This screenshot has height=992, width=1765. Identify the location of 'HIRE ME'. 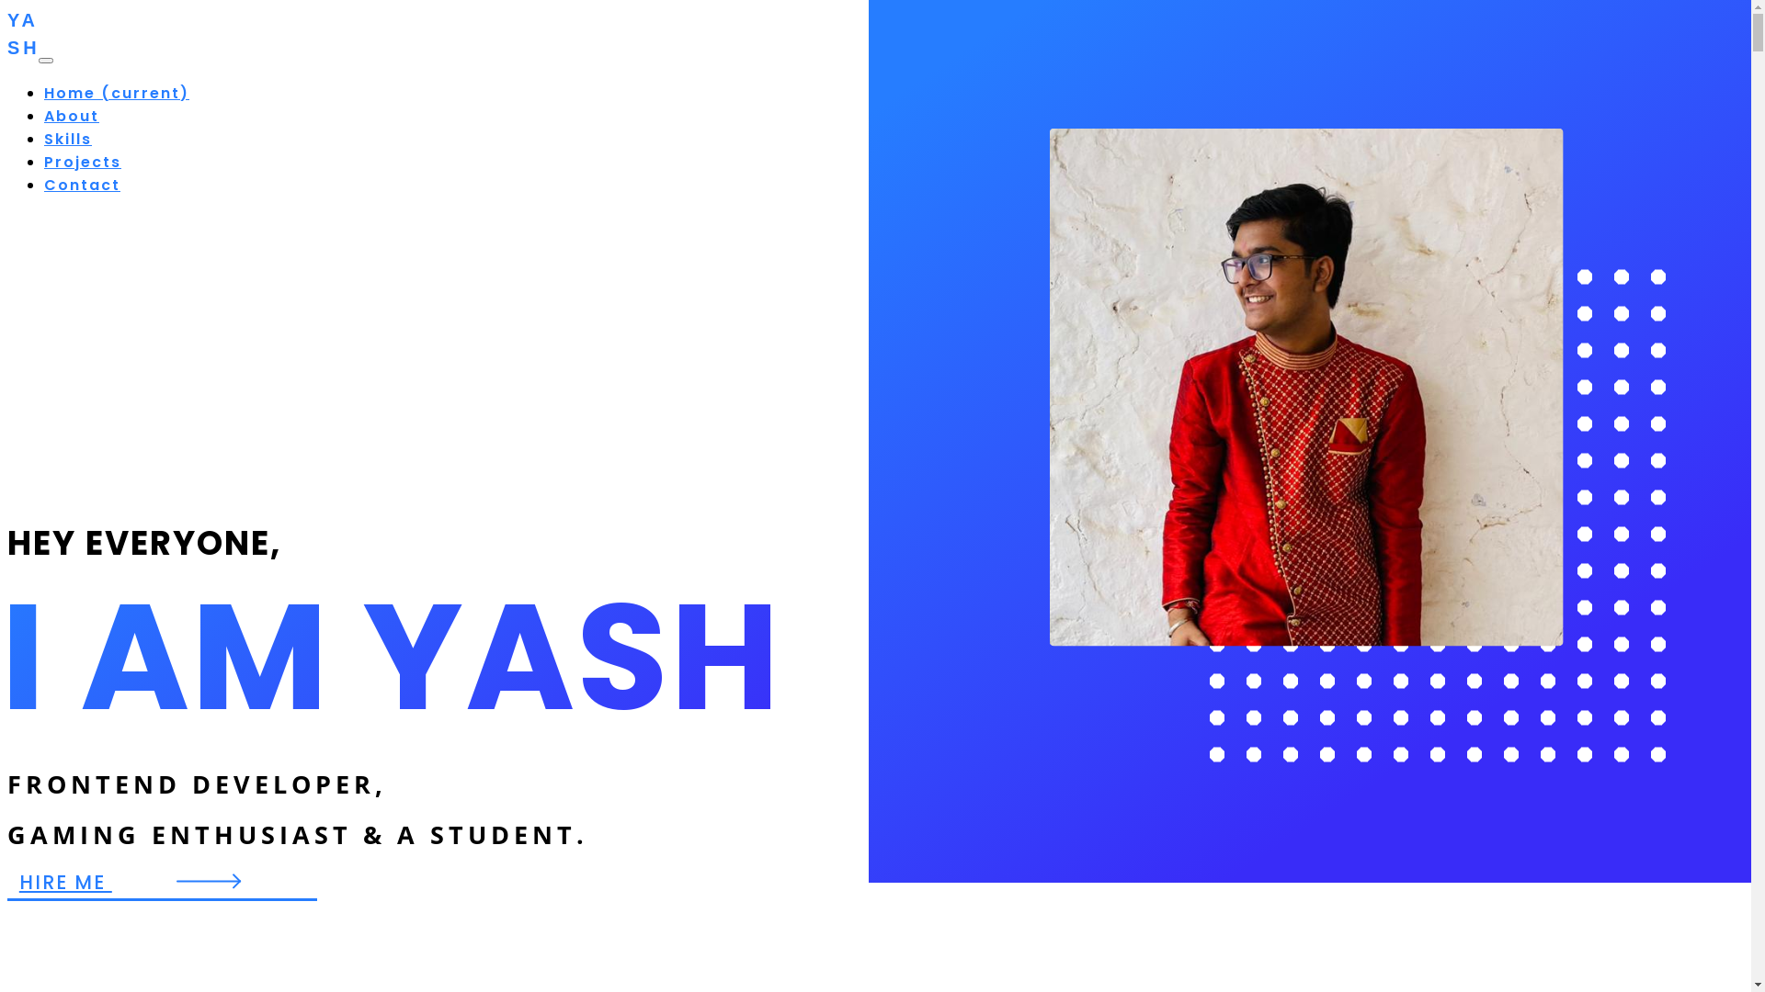
(162, 881).